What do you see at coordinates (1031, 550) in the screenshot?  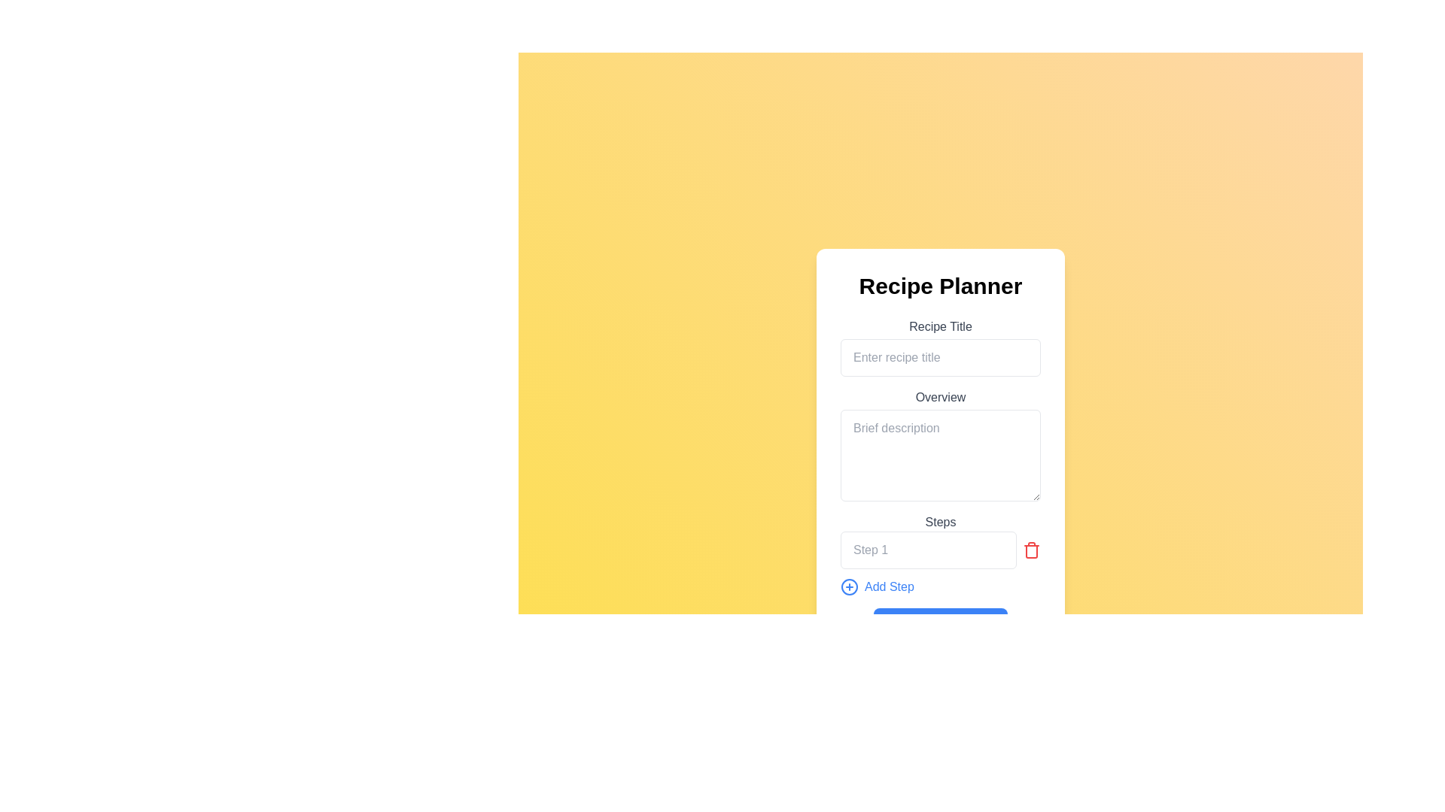 I see `the delete button located to the right of the 'Step 1' text input box` at bounding box center [1031, 550].